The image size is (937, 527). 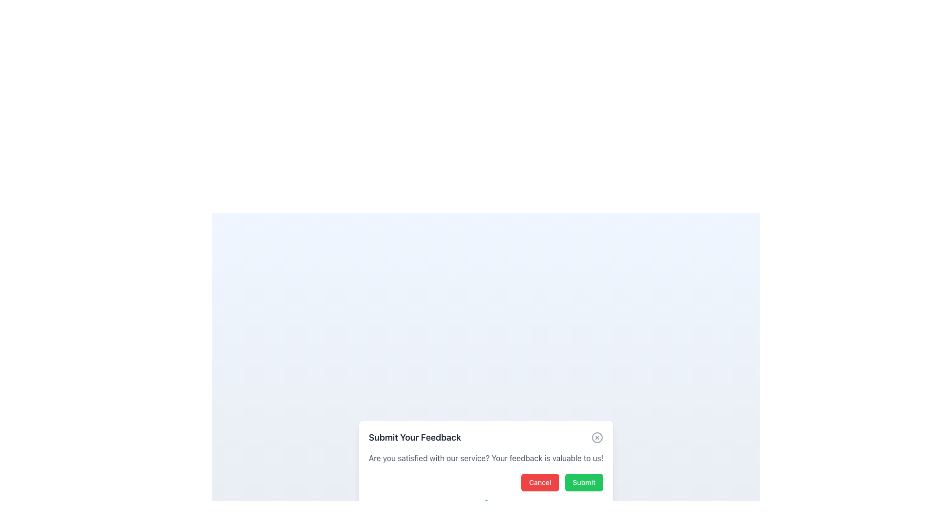 What do you see at coordinates (486, 510) in the screenshot?
I see `thumbs-up icon with a green color tone located at the bottom center of the 'Submit Your Feedback' modal, positioned directly below the 'Cancel' and 'Submit' buttons` at bounding box center [486, 510].